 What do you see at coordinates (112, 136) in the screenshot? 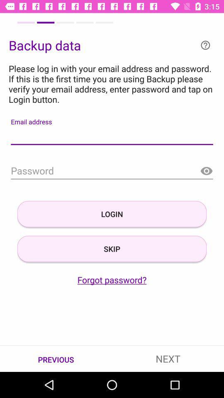
I see `blank space` at bounding box center [112, 136].